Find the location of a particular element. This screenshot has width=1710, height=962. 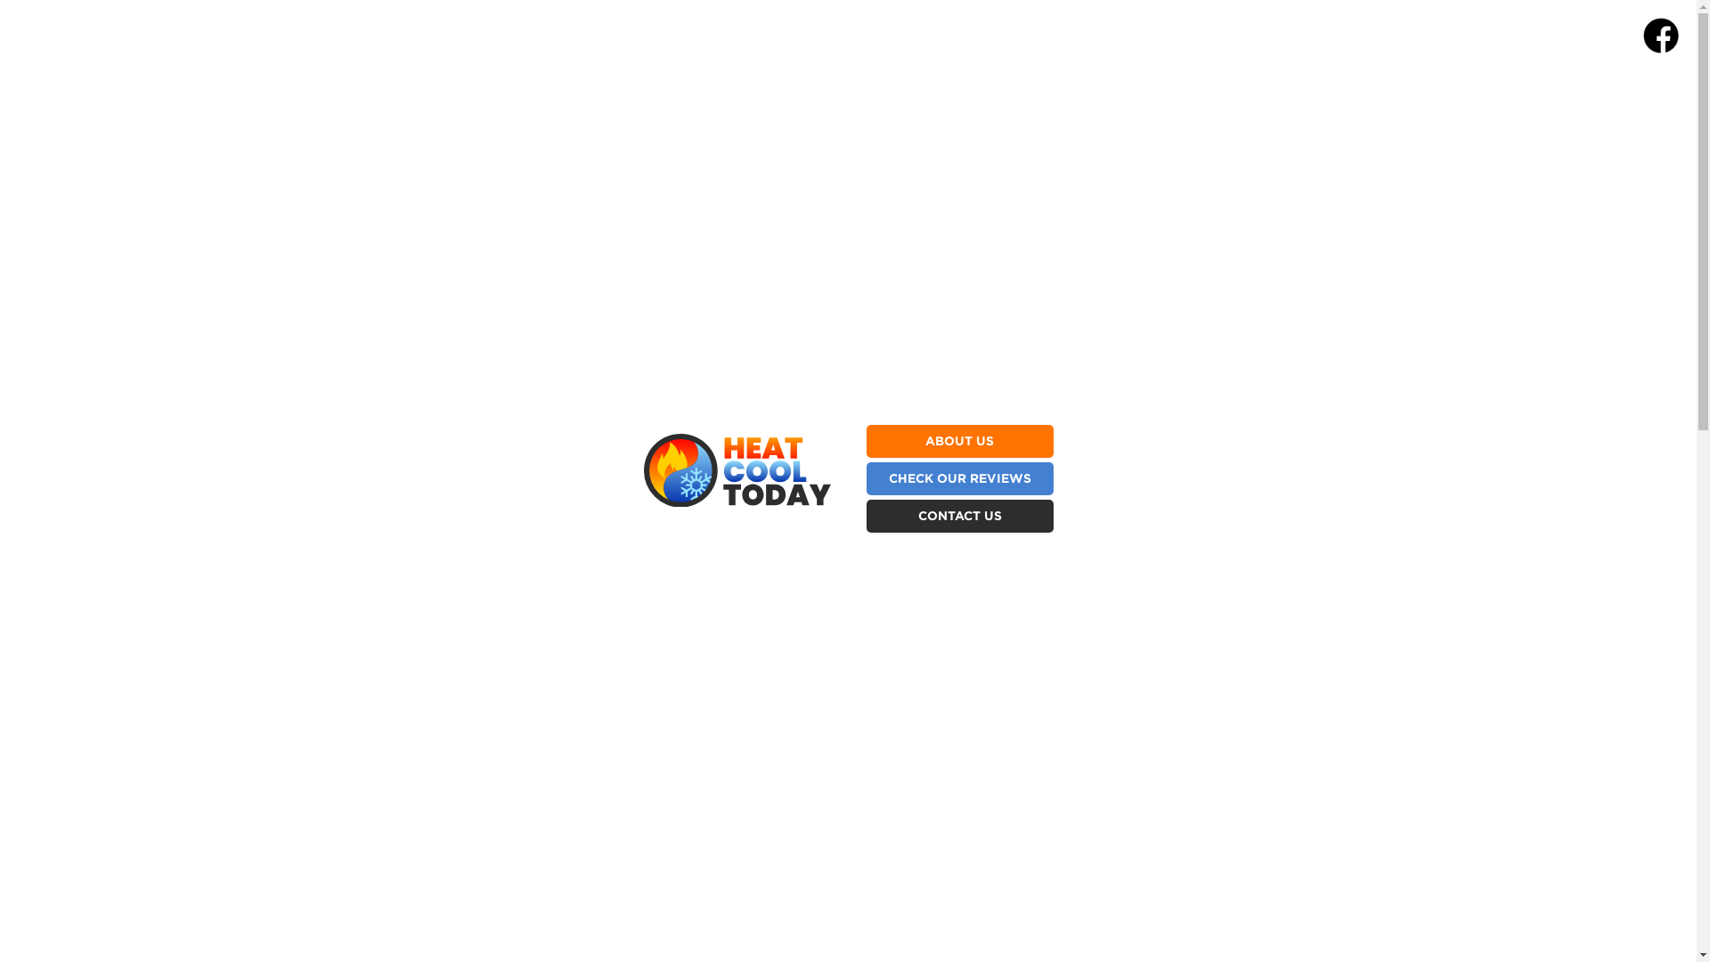

'ABOUT US' is located at coordinates (958, 440).